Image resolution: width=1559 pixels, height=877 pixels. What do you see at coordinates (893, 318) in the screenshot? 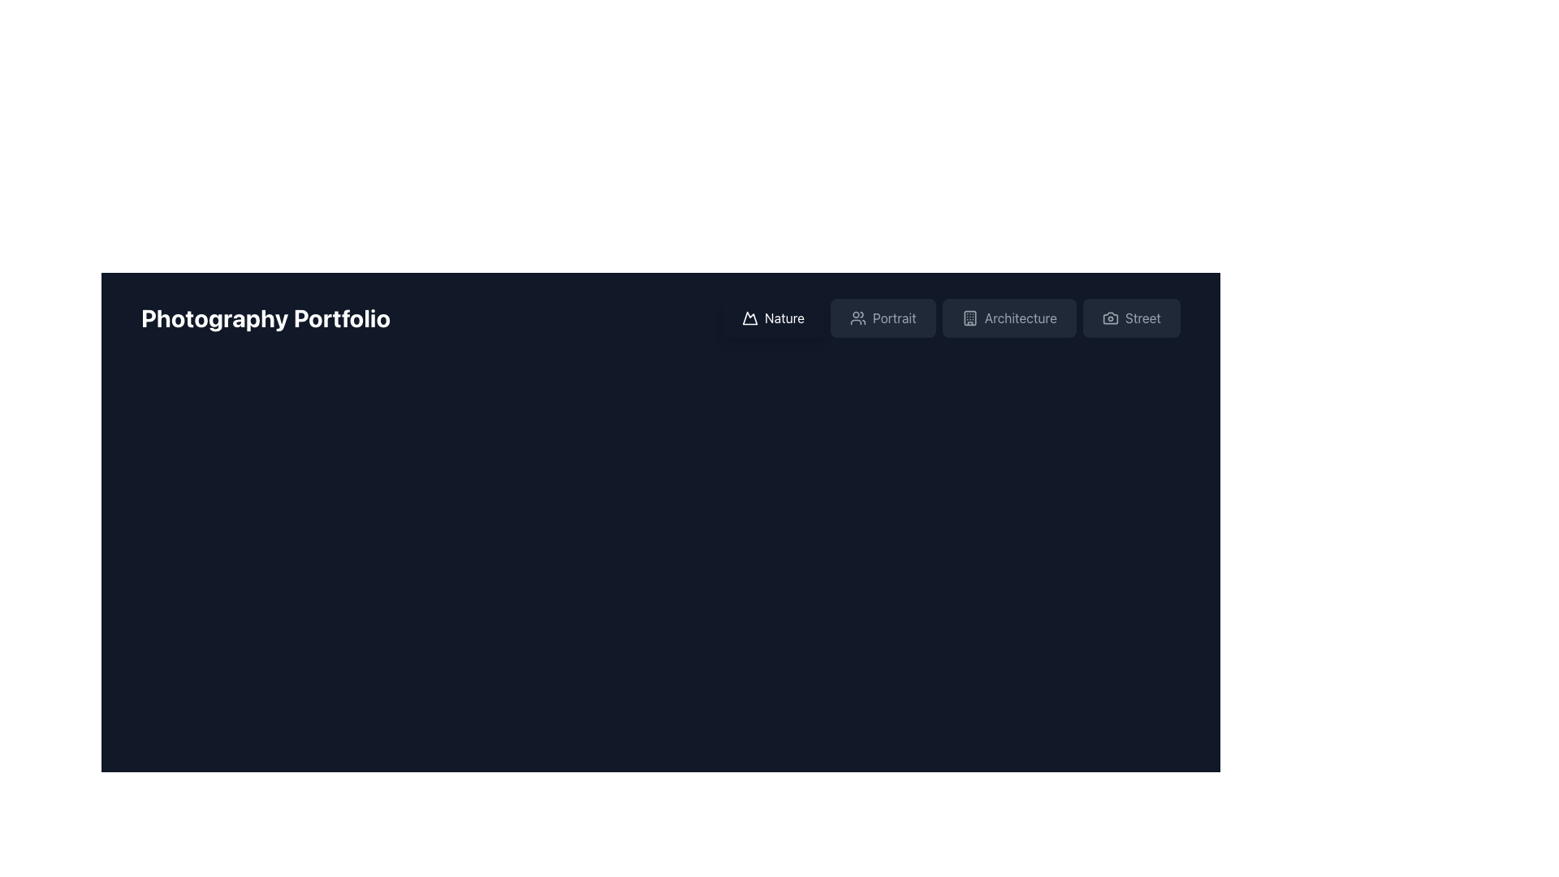
I see `the text label displaying 'Portrait' within the interactive button` at bounding box center [893, 318].